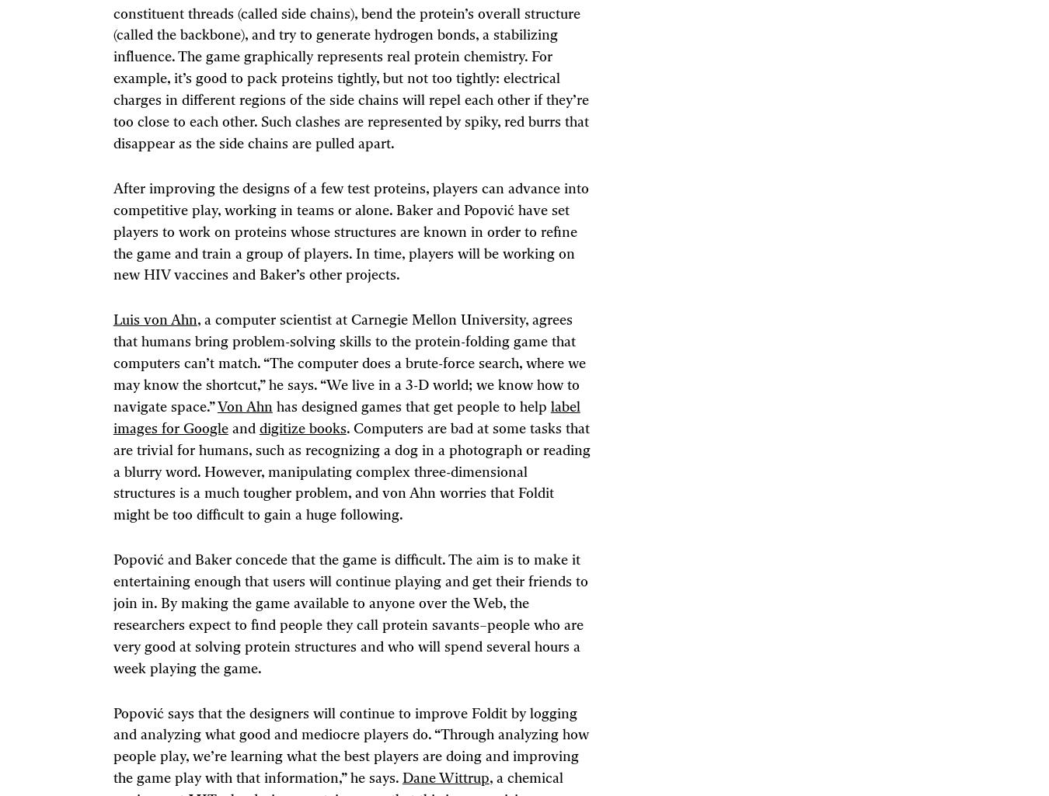 The height and width of the screenshot is (796, 1049). What do you see at coordinates (346, 417) in the screenshot?
I see `'label images for Google'` at bounding box center [346, 417].